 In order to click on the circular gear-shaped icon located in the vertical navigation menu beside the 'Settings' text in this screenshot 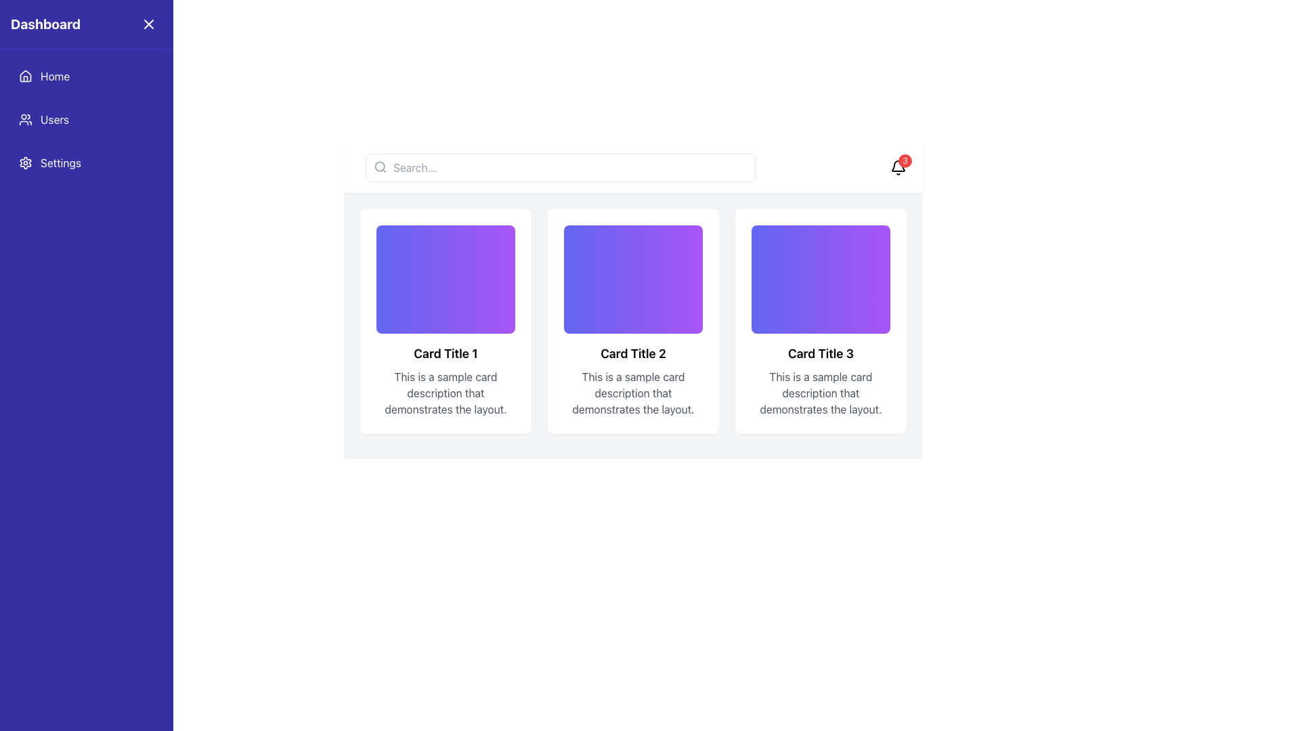, I will do `click(26, 162)`.